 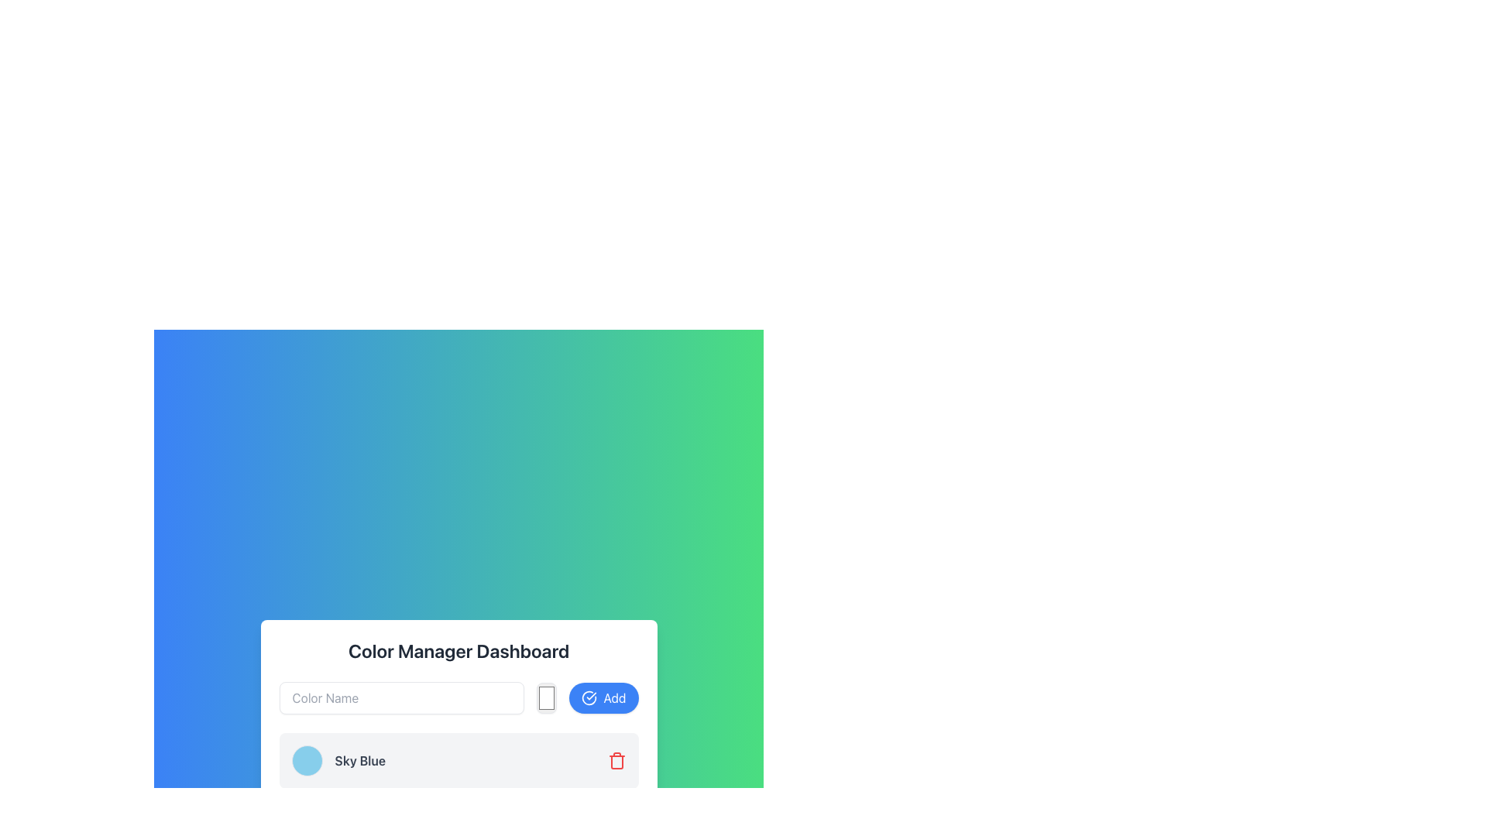 I want to click on the delete button located in the far-right portion of the 'Sky Blue' card widget, so click(x=616, y=760).